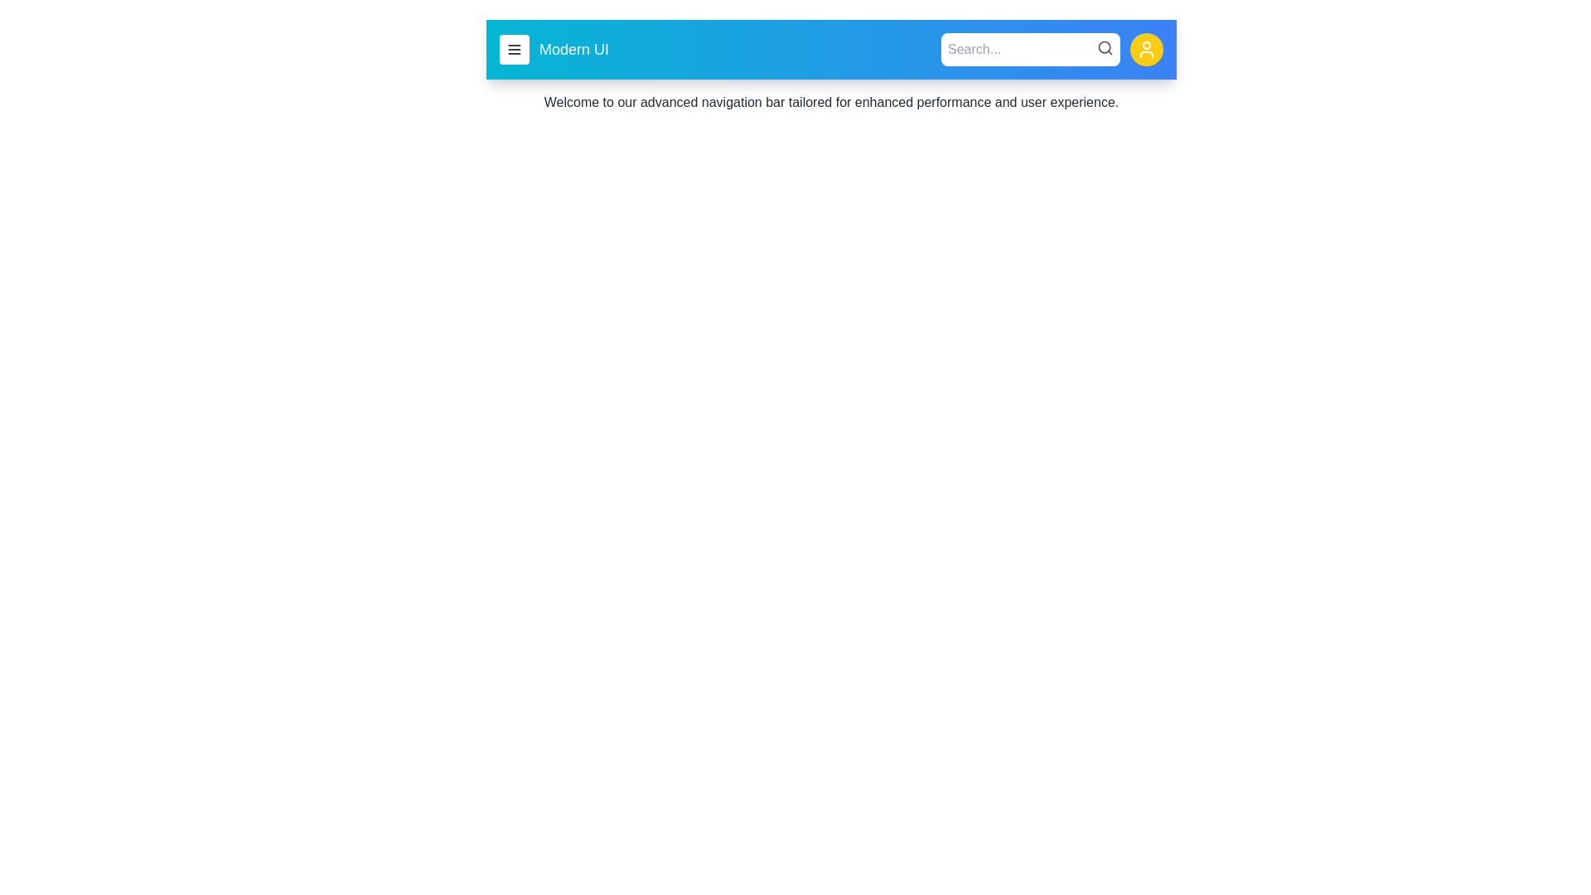  I want to click on the user profile button located on the top-right corner of the ModernAppBar, so click(1145, 49).